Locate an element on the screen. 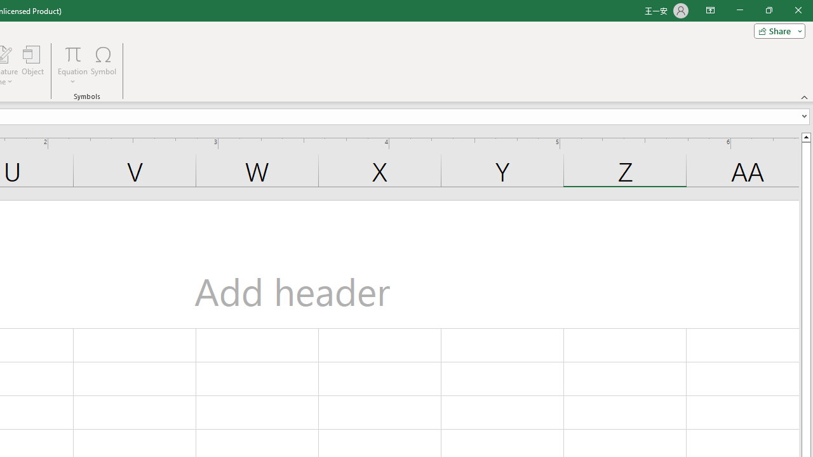 The image size is (813, 457). 'Object...' is located at coordinates (32, 65).